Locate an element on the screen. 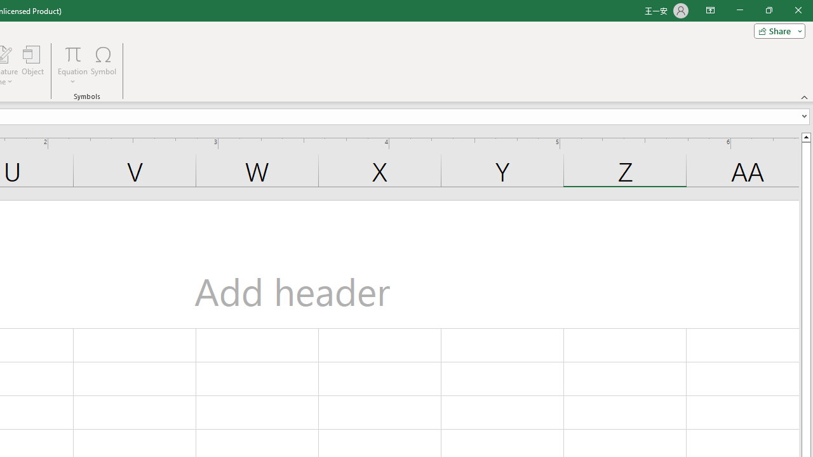 The image size is (813, 457). 'Object...' is located at coordinates (32, 65).